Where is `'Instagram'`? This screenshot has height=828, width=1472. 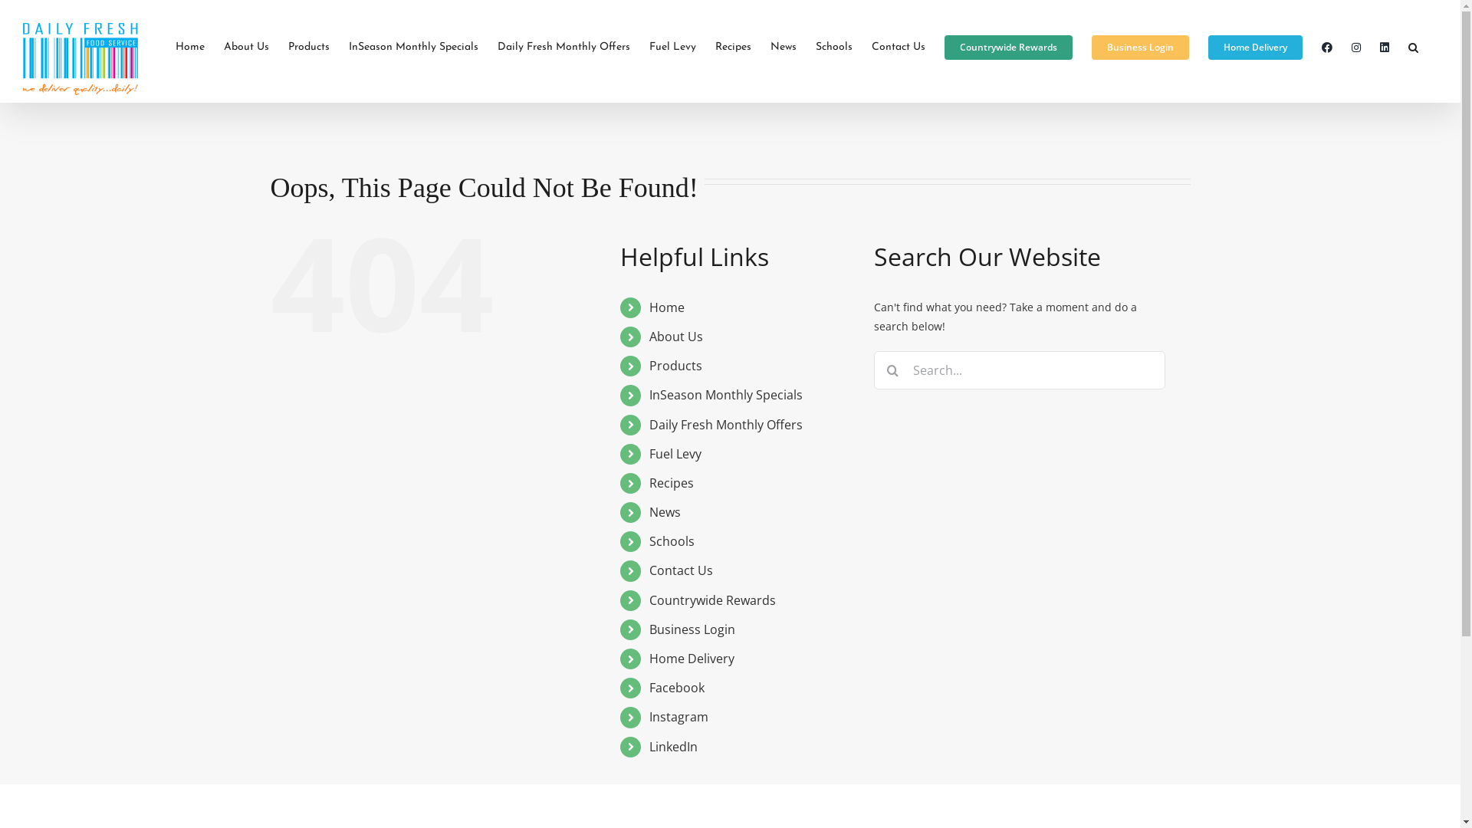 'Instagram' is located at coordinates (678, 716).